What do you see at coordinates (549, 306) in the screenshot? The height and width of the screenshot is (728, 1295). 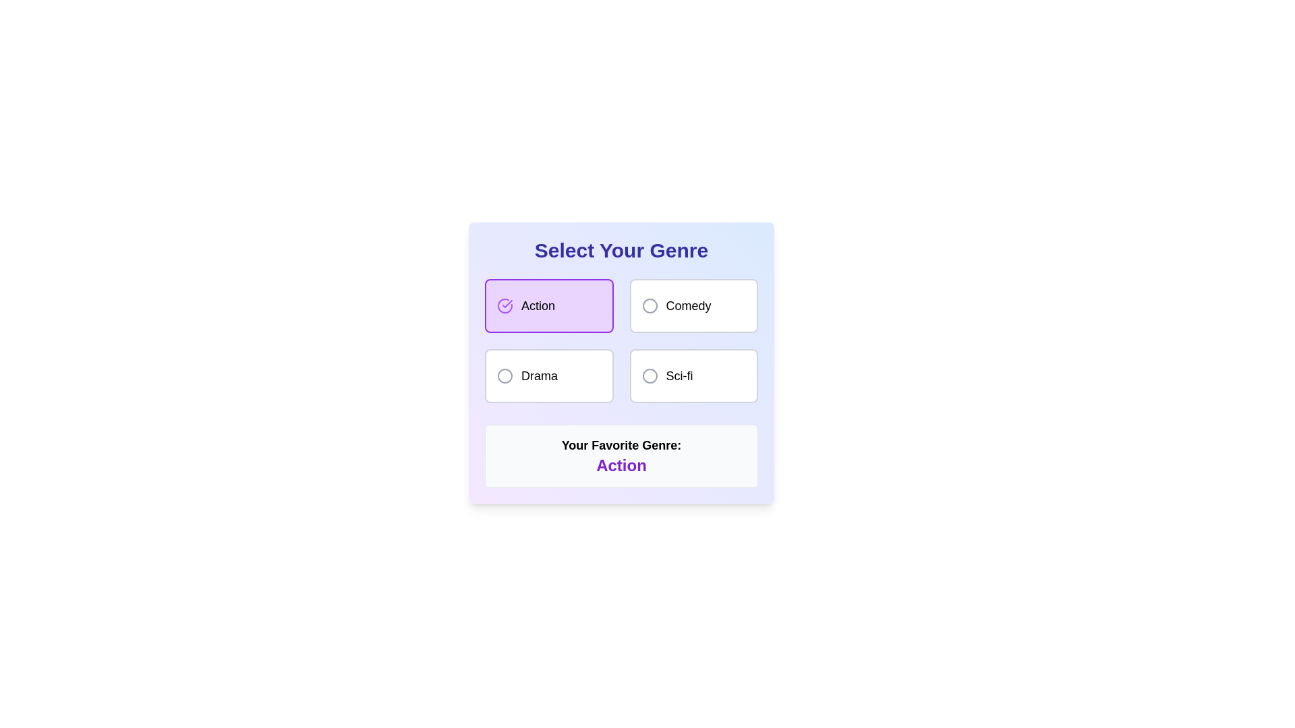 I see `the 'Action' genre button located in the upper-left corner of the grid layout by` at bounding box center [549, 306].